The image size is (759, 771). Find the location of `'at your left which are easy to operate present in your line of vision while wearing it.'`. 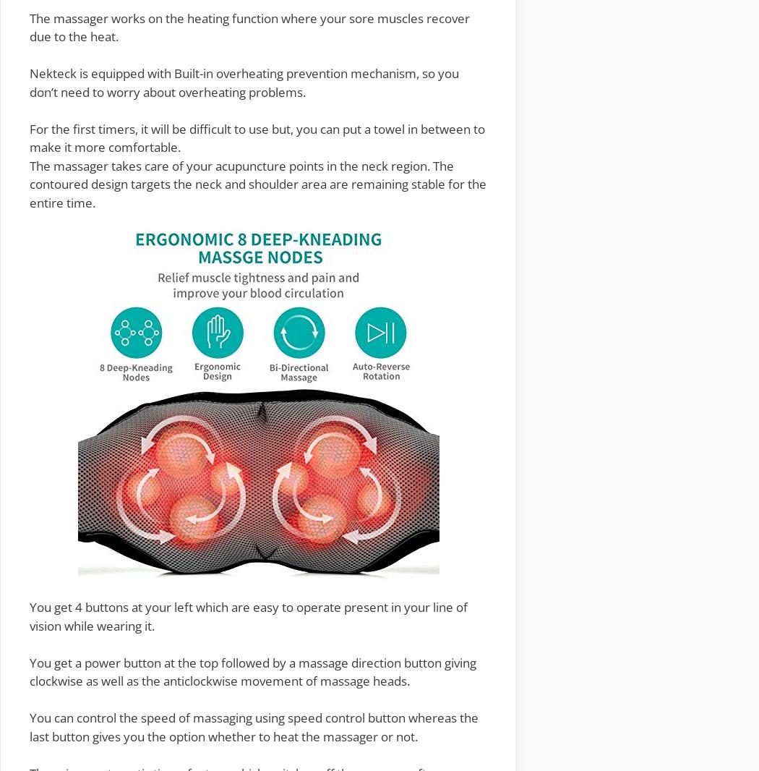

'at your left which are easy to operate present in your line of vision while wearing it.' is located at coordinates (247, 615).